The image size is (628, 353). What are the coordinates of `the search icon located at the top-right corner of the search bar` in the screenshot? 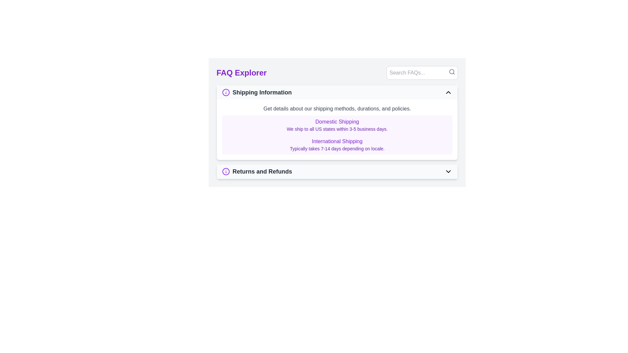 It's located at (452, 72).